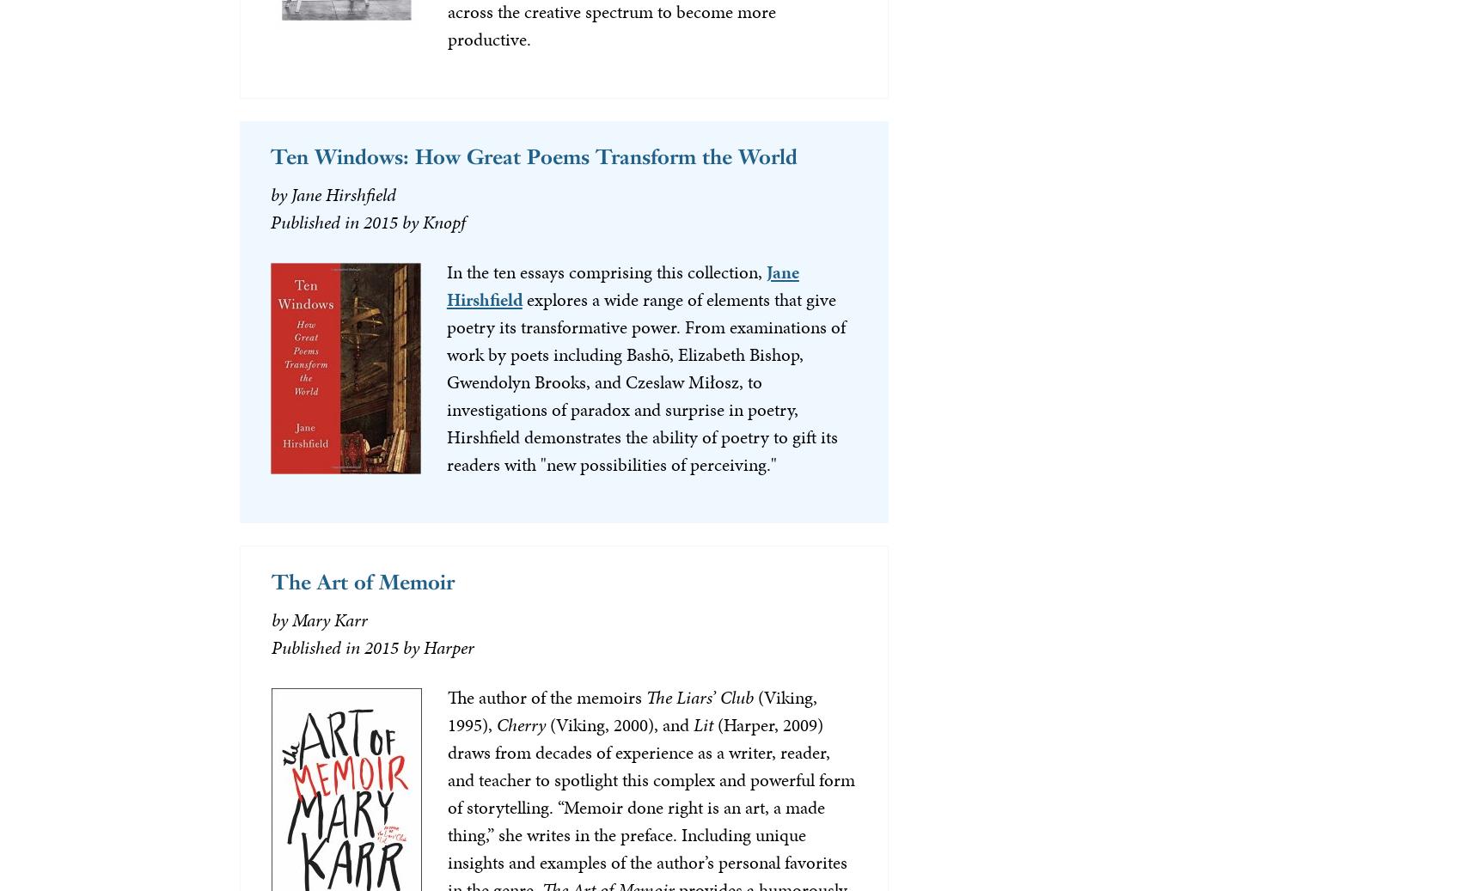  What do you see at coordinates (634, 738) in the screenshot?
I see `'(Harper, 2009) draws'` at bounding box center [634, 738].